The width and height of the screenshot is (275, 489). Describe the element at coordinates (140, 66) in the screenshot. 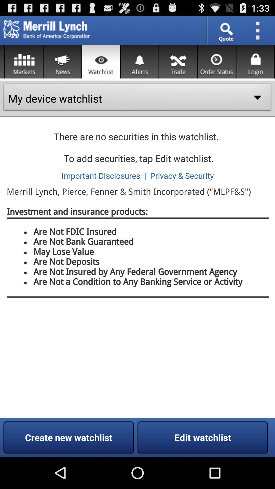

I see `the notifications icon` at that location.